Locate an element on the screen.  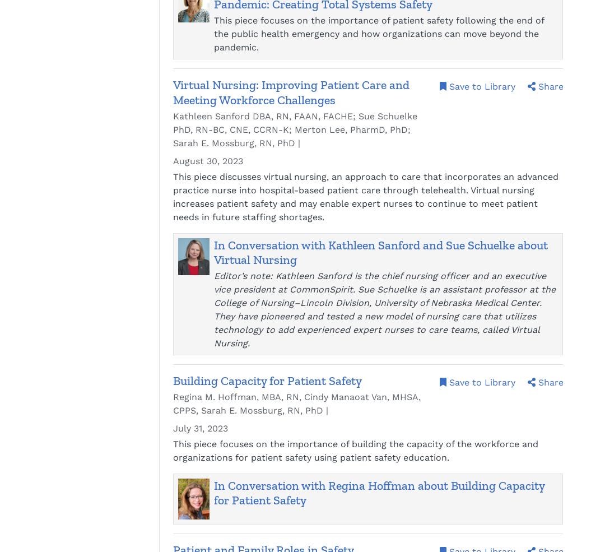
'Regina M. Hoffman, MBA, RN, Cindy Manaoat Van, MHSA, CPPS, Sarah E. Mossburg, RN, PhD
 |' is located at coordinates (296, 403).